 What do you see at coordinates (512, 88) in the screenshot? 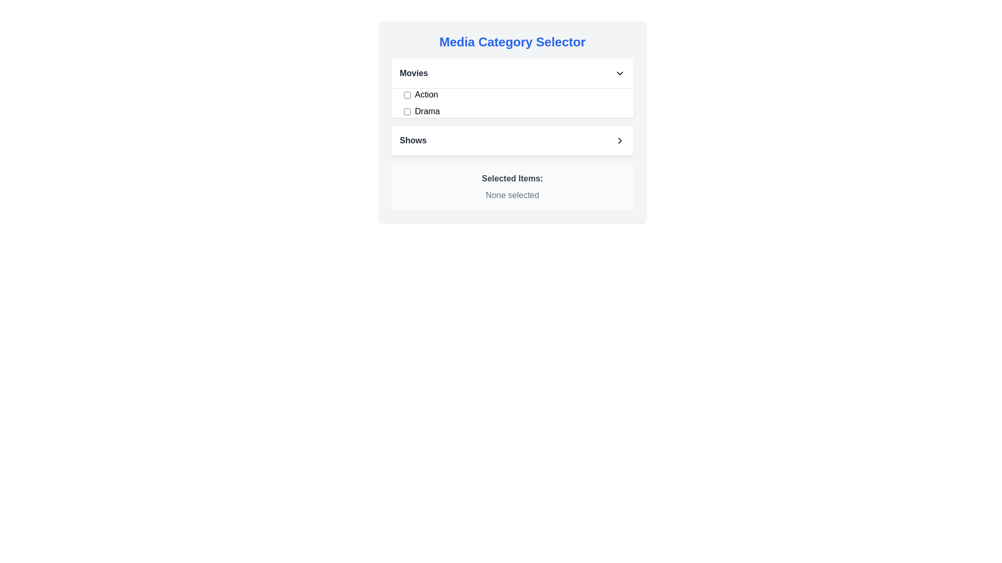
I see `the 'Movies' dropdown section with checkboxes to interact with the options` at bounding box center [512, 88].